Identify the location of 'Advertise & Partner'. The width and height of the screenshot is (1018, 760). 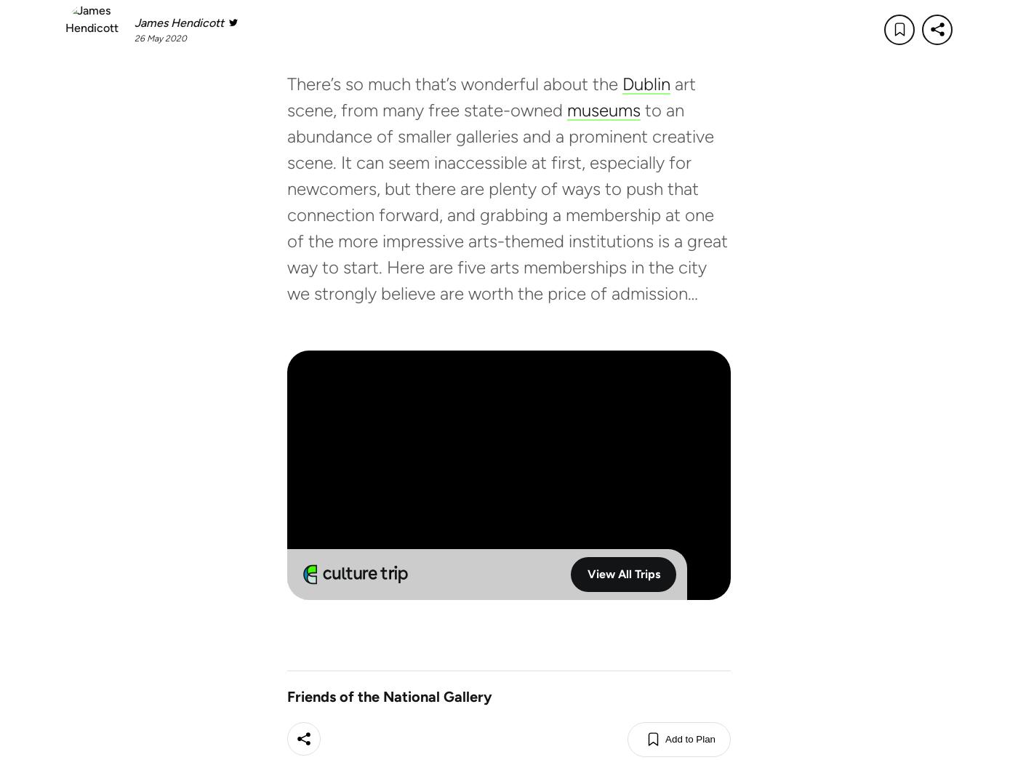
(638, 649).